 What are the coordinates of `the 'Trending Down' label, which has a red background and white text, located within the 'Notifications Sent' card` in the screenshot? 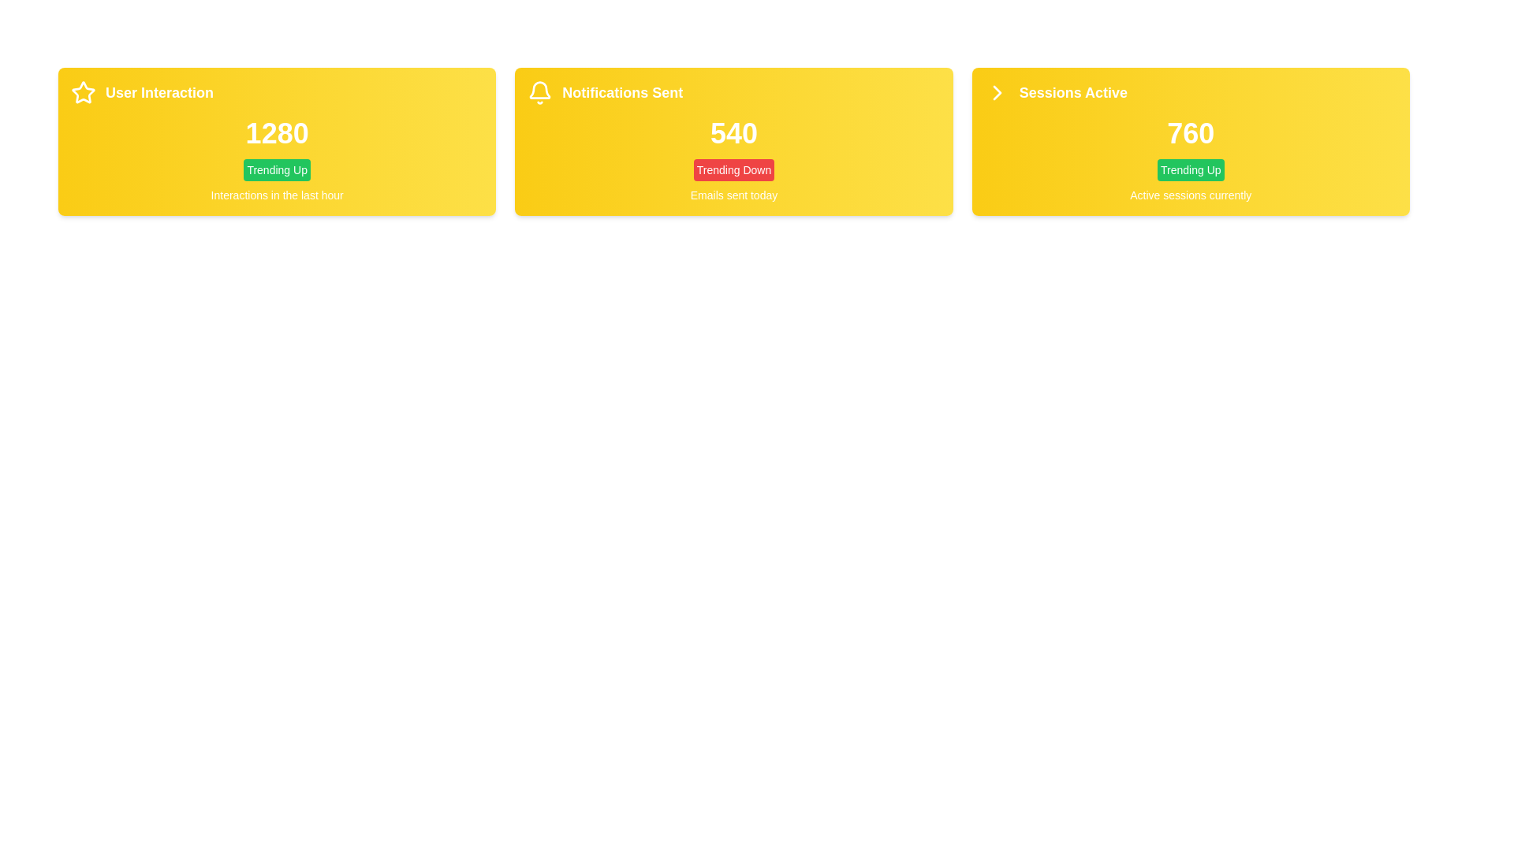 It's located at (733, 170).